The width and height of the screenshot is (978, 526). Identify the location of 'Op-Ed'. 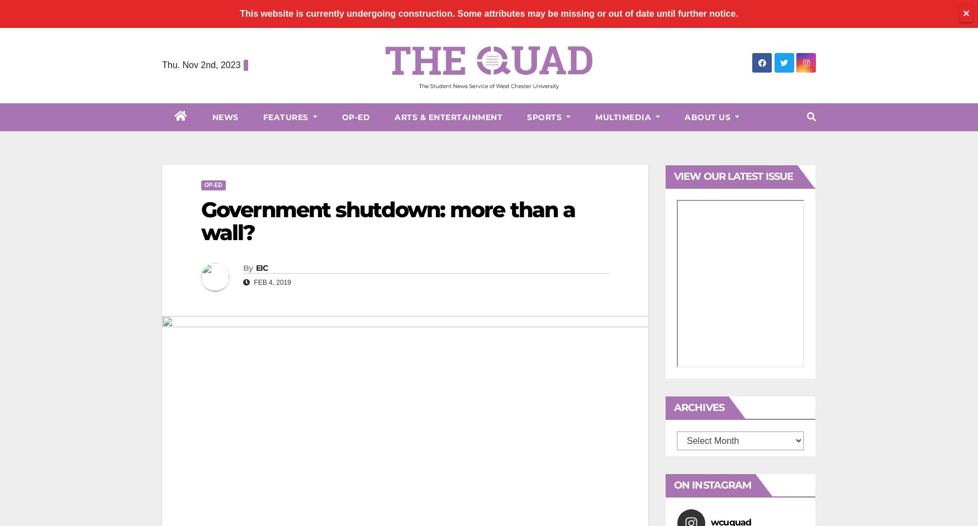
(355, 117).